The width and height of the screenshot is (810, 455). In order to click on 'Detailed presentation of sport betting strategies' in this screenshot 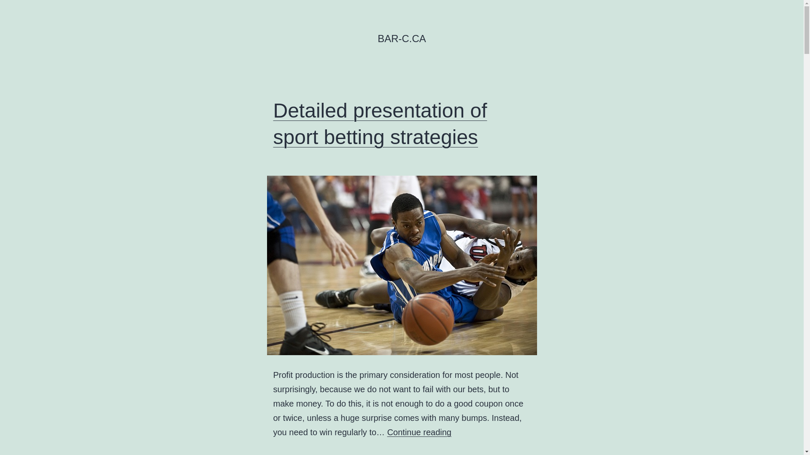, I will do `click(380, 123)`.